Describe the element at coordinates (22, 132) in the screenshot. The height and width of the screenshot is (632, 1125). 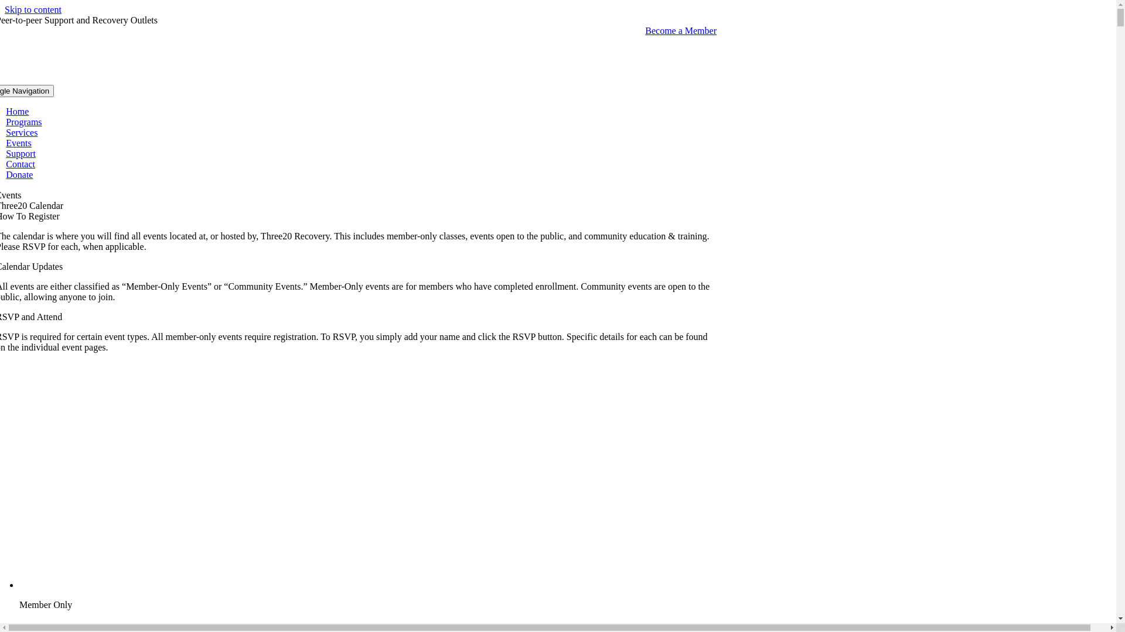
I see `'Services'` at that location.